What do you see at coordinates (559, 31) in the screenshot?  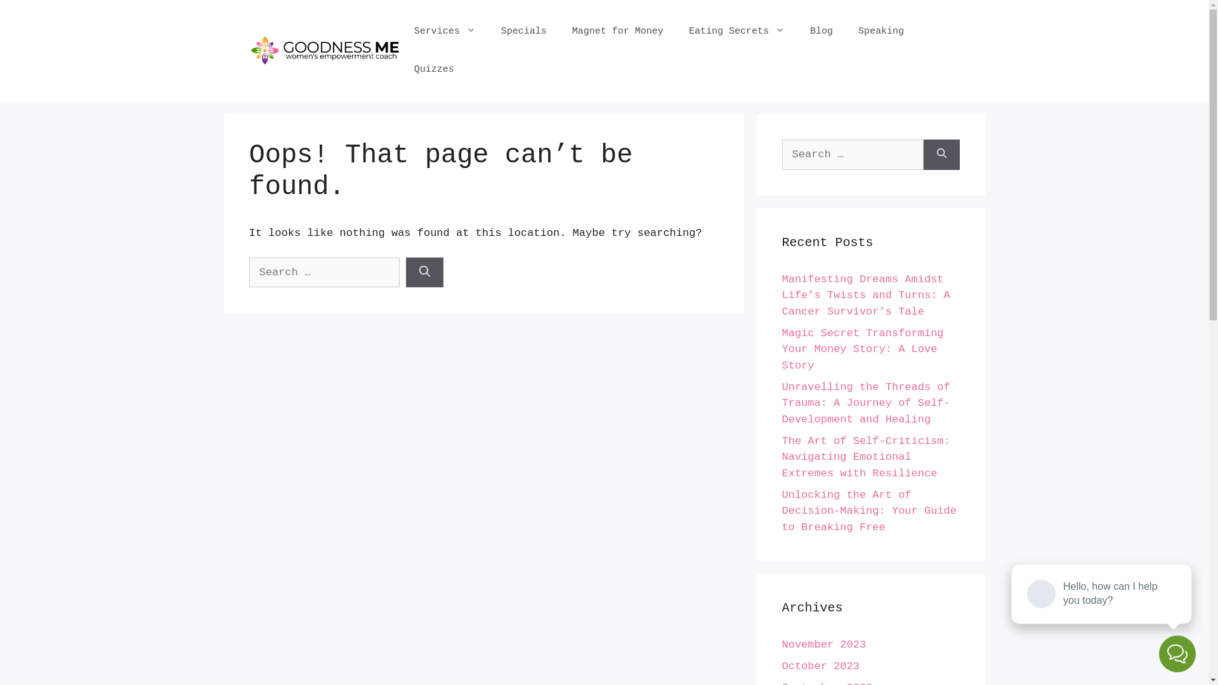 I see `'Magnet for Money'` at bounding box center [559, 31].